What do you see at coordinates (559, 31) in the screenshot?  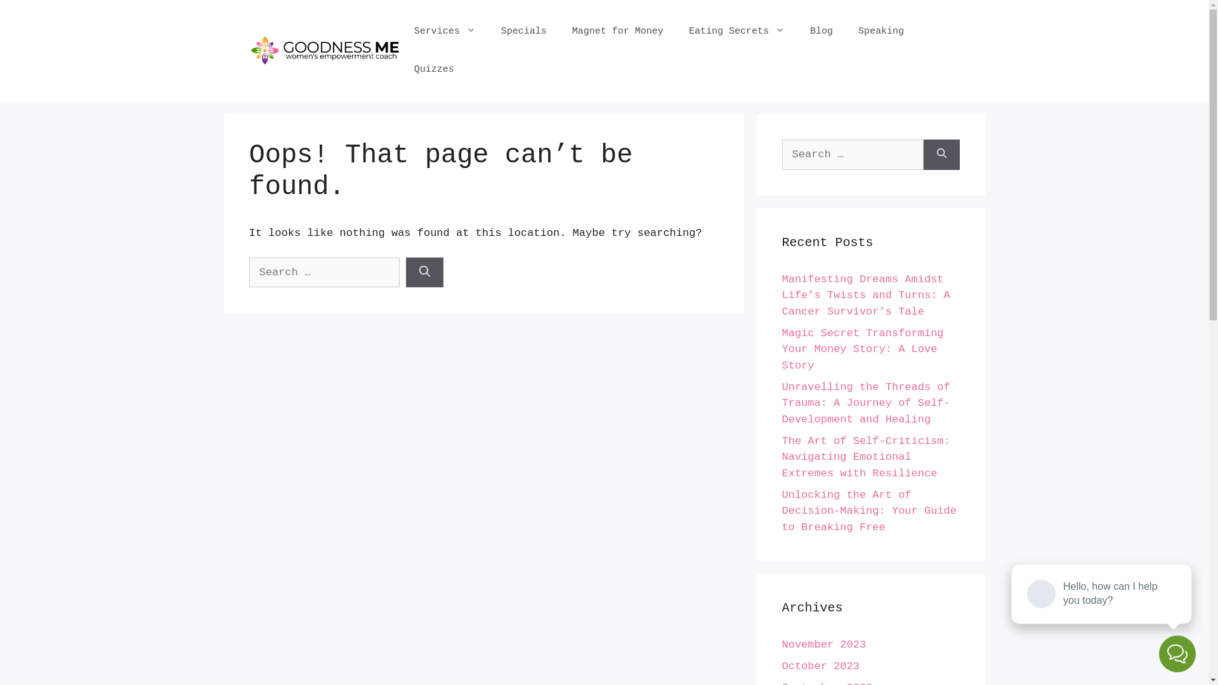 I see `'Magnet for Money'` at bounding box center [559, 31].